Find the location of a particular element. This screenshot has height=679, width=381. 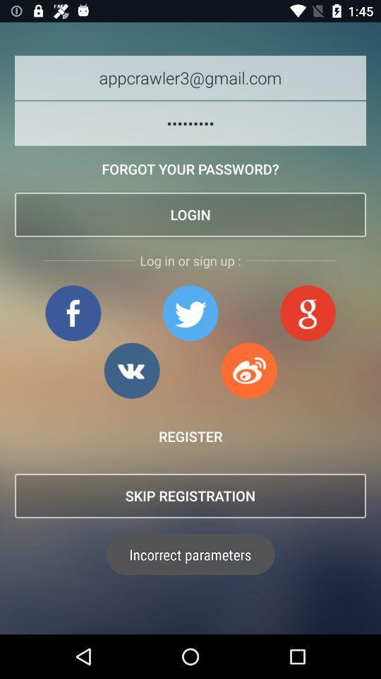

google simple page is located at coordinates (307, 313).